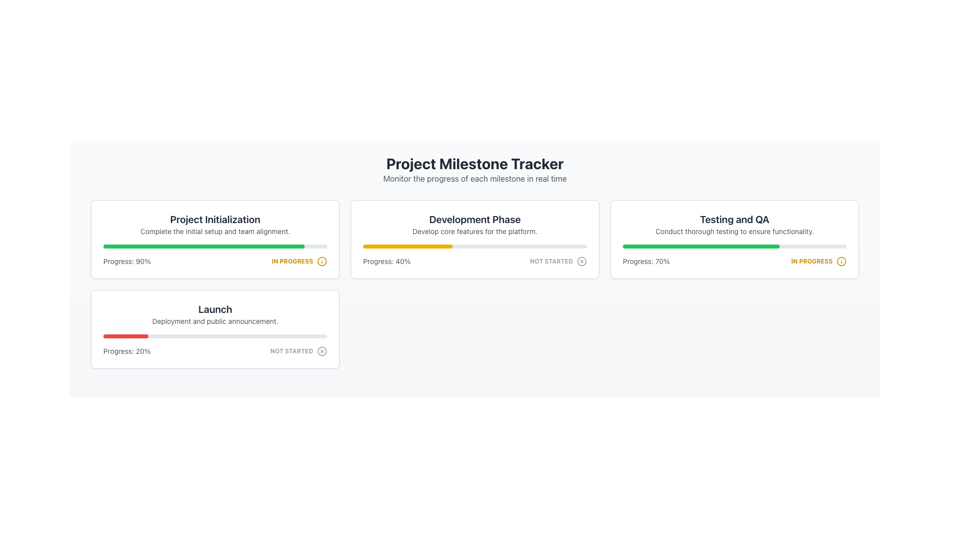 The height and width of the screenshot is (539, 959). Describe the element at coordinates (819, 261) in the screenshot. I see `the text segment displaying 'IN PROGRESS' in bold yellow, which is located next to a circular 'i' icon in the bottom-right corner of the 'Testing and QA' section` at that location.